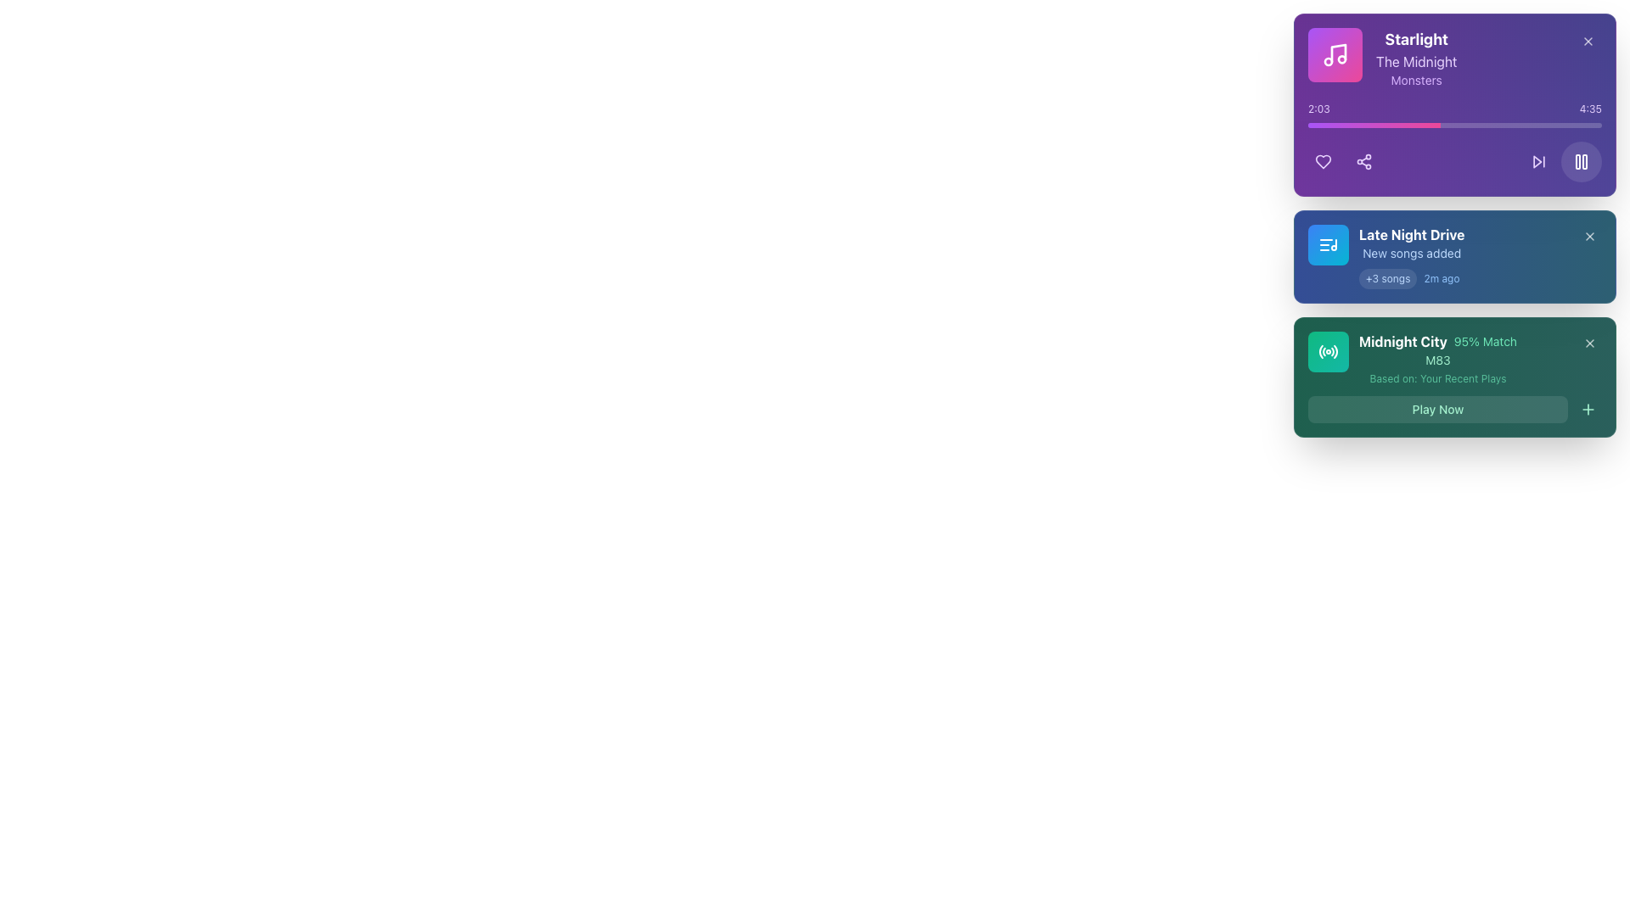 The height and width of the screenshot is (916, 1630). I want to click on the icon in the bottommost card titled 'Midnight City', which has a gradient green background and is located on the leftmost side of the card, so click(1327, 351).